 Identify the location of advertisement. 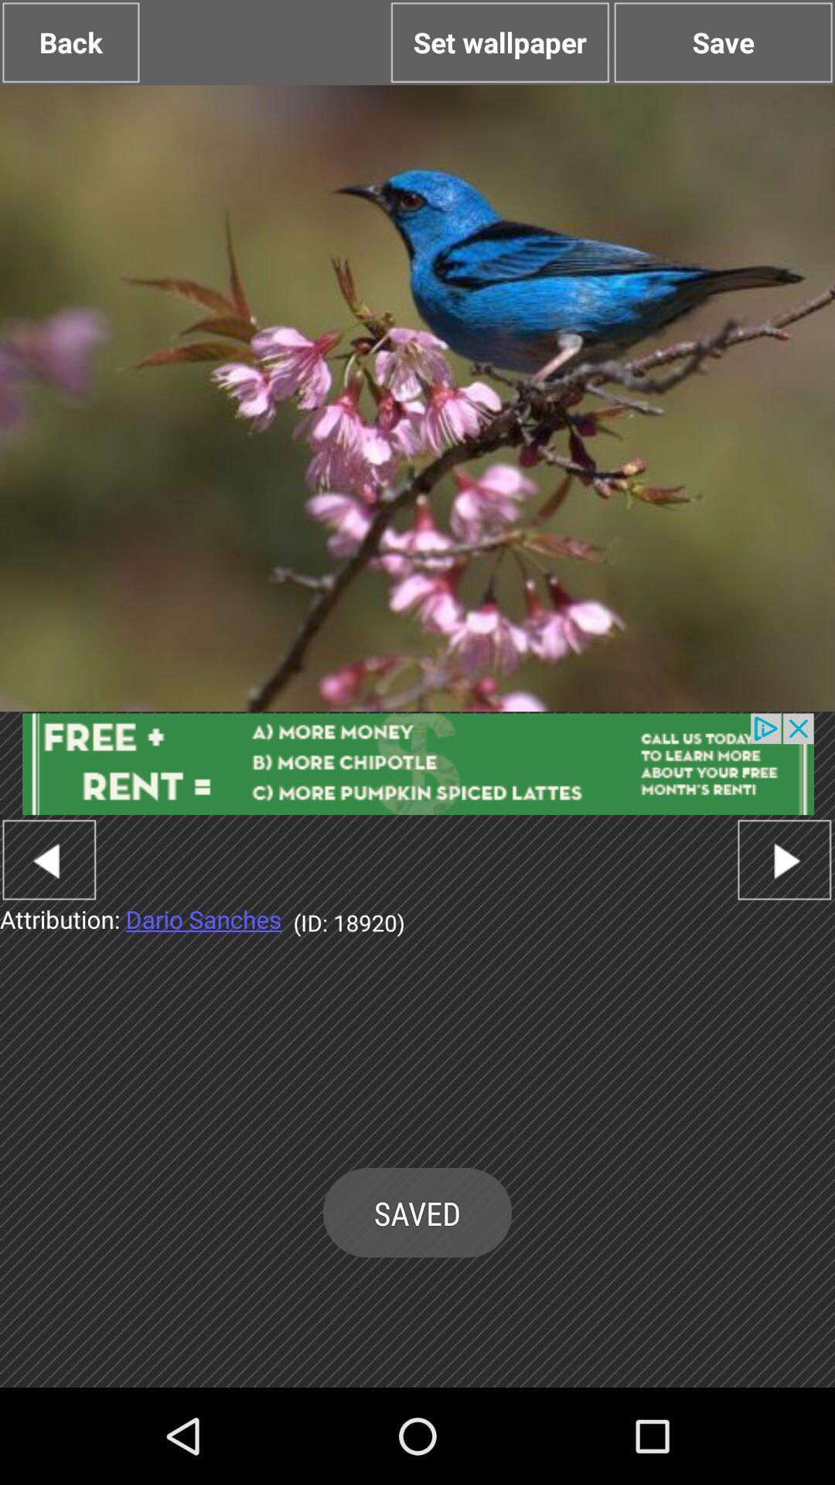
(417, 764).